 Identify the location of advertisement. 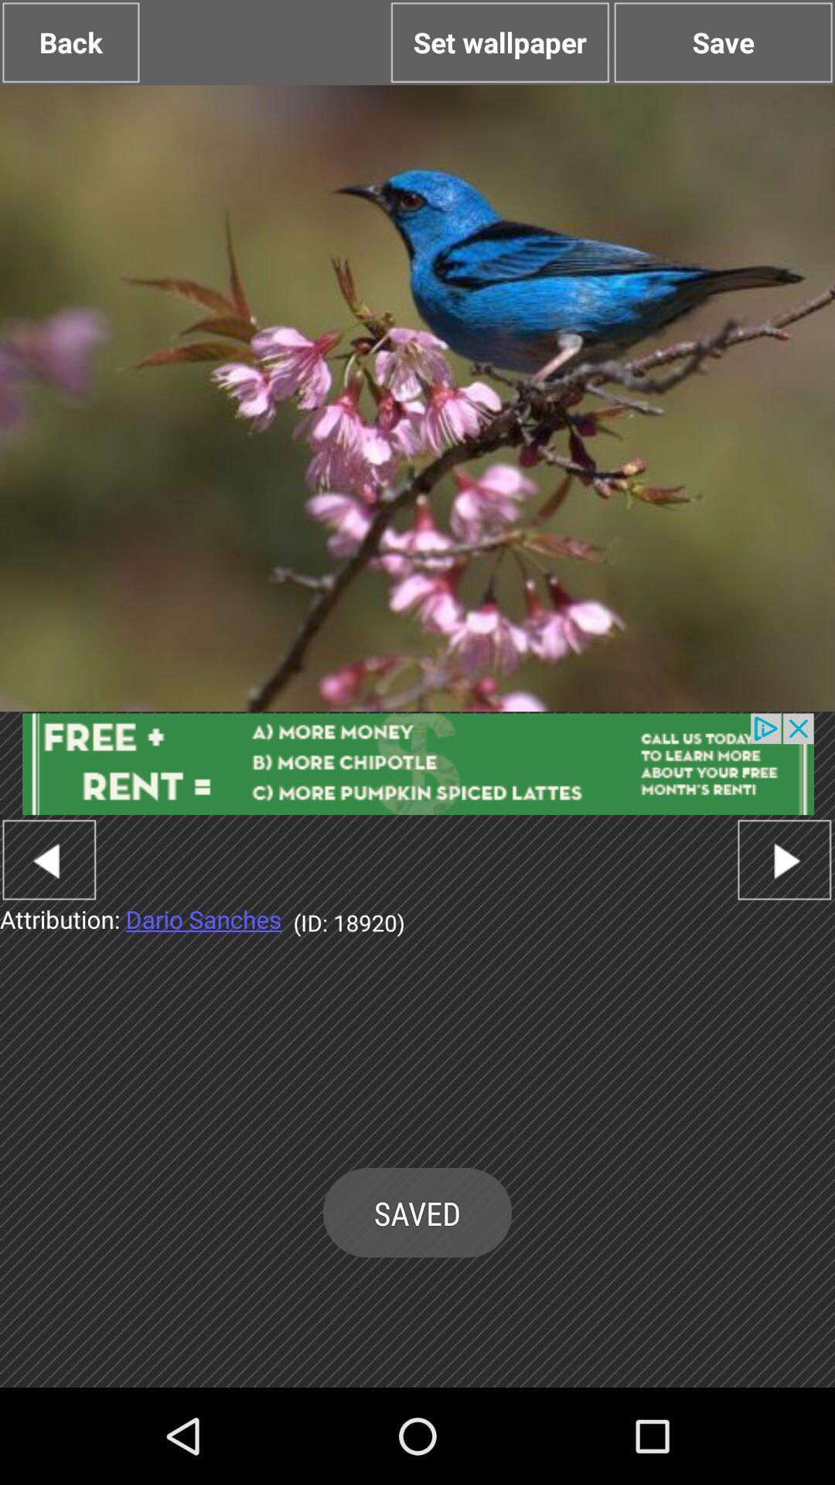
(417, 764).